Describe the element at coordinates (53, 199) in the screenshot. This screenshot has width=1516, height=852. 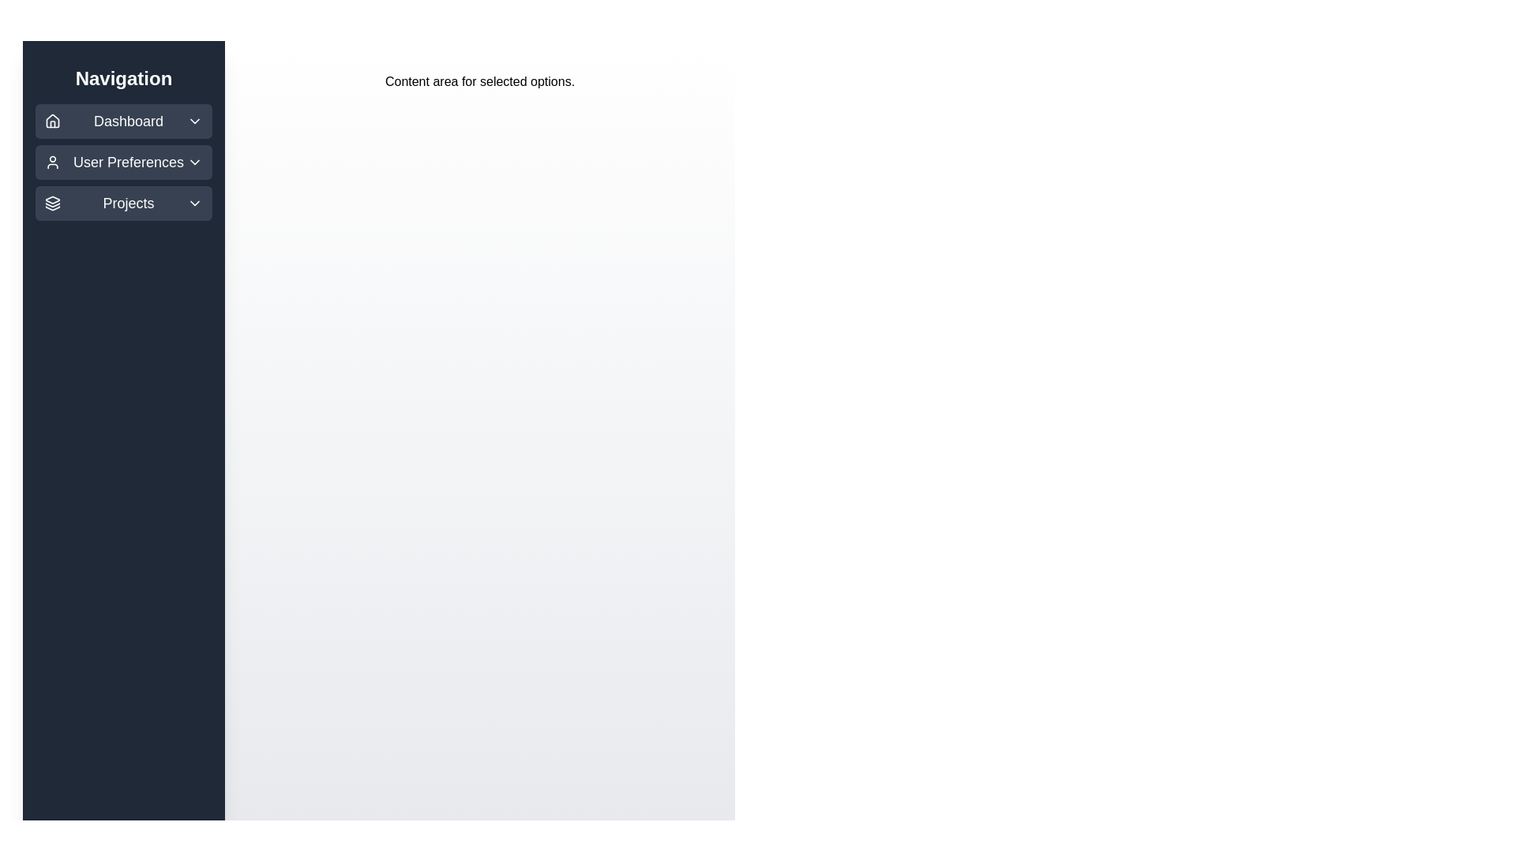
I see `the triangular layered SVG icon located in the lower part of the side navigation menu under the 'Projects' section` at that location.